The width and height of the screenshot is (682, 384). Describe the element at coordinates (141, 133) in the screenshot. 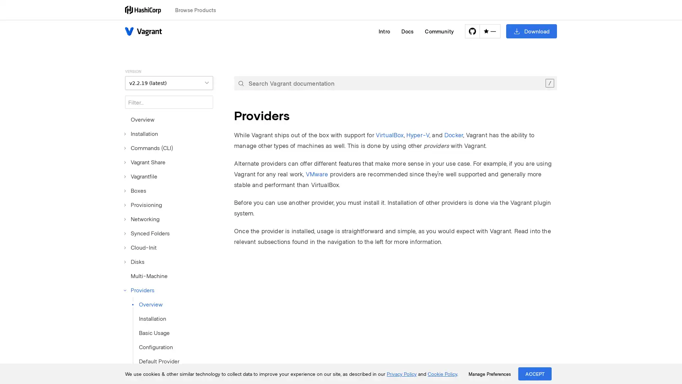

I see `Installation` at that location.